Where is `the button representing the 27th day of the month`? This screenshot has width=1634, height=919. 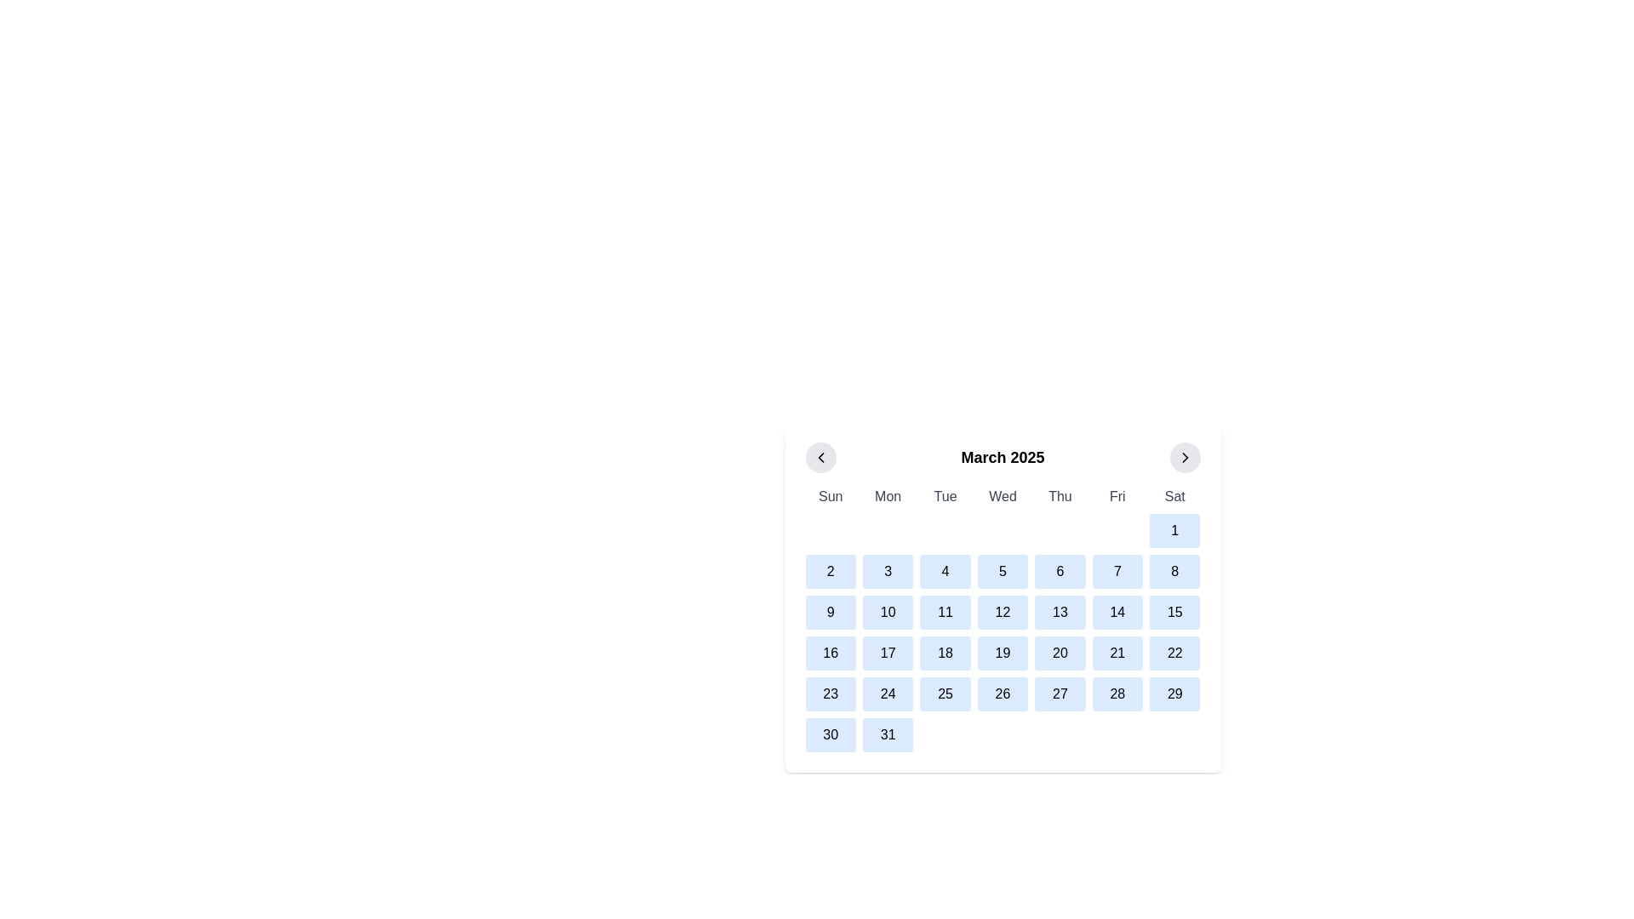 the button representing the 27th day of the month is located at coordinates (1059, 694).